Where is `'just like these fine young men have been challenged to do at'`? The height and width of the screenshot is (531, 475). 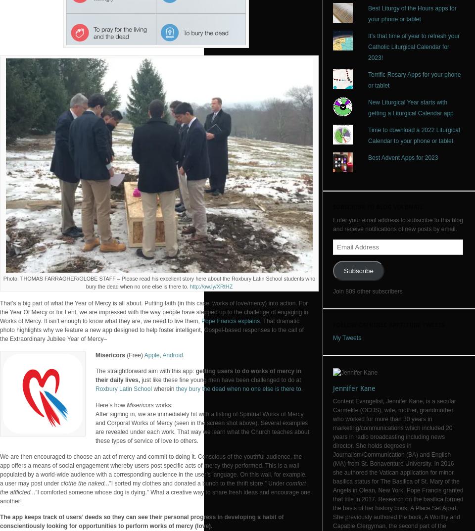
'just like these fine young men have been challenged to do at' is located at coordinates (141, 380).